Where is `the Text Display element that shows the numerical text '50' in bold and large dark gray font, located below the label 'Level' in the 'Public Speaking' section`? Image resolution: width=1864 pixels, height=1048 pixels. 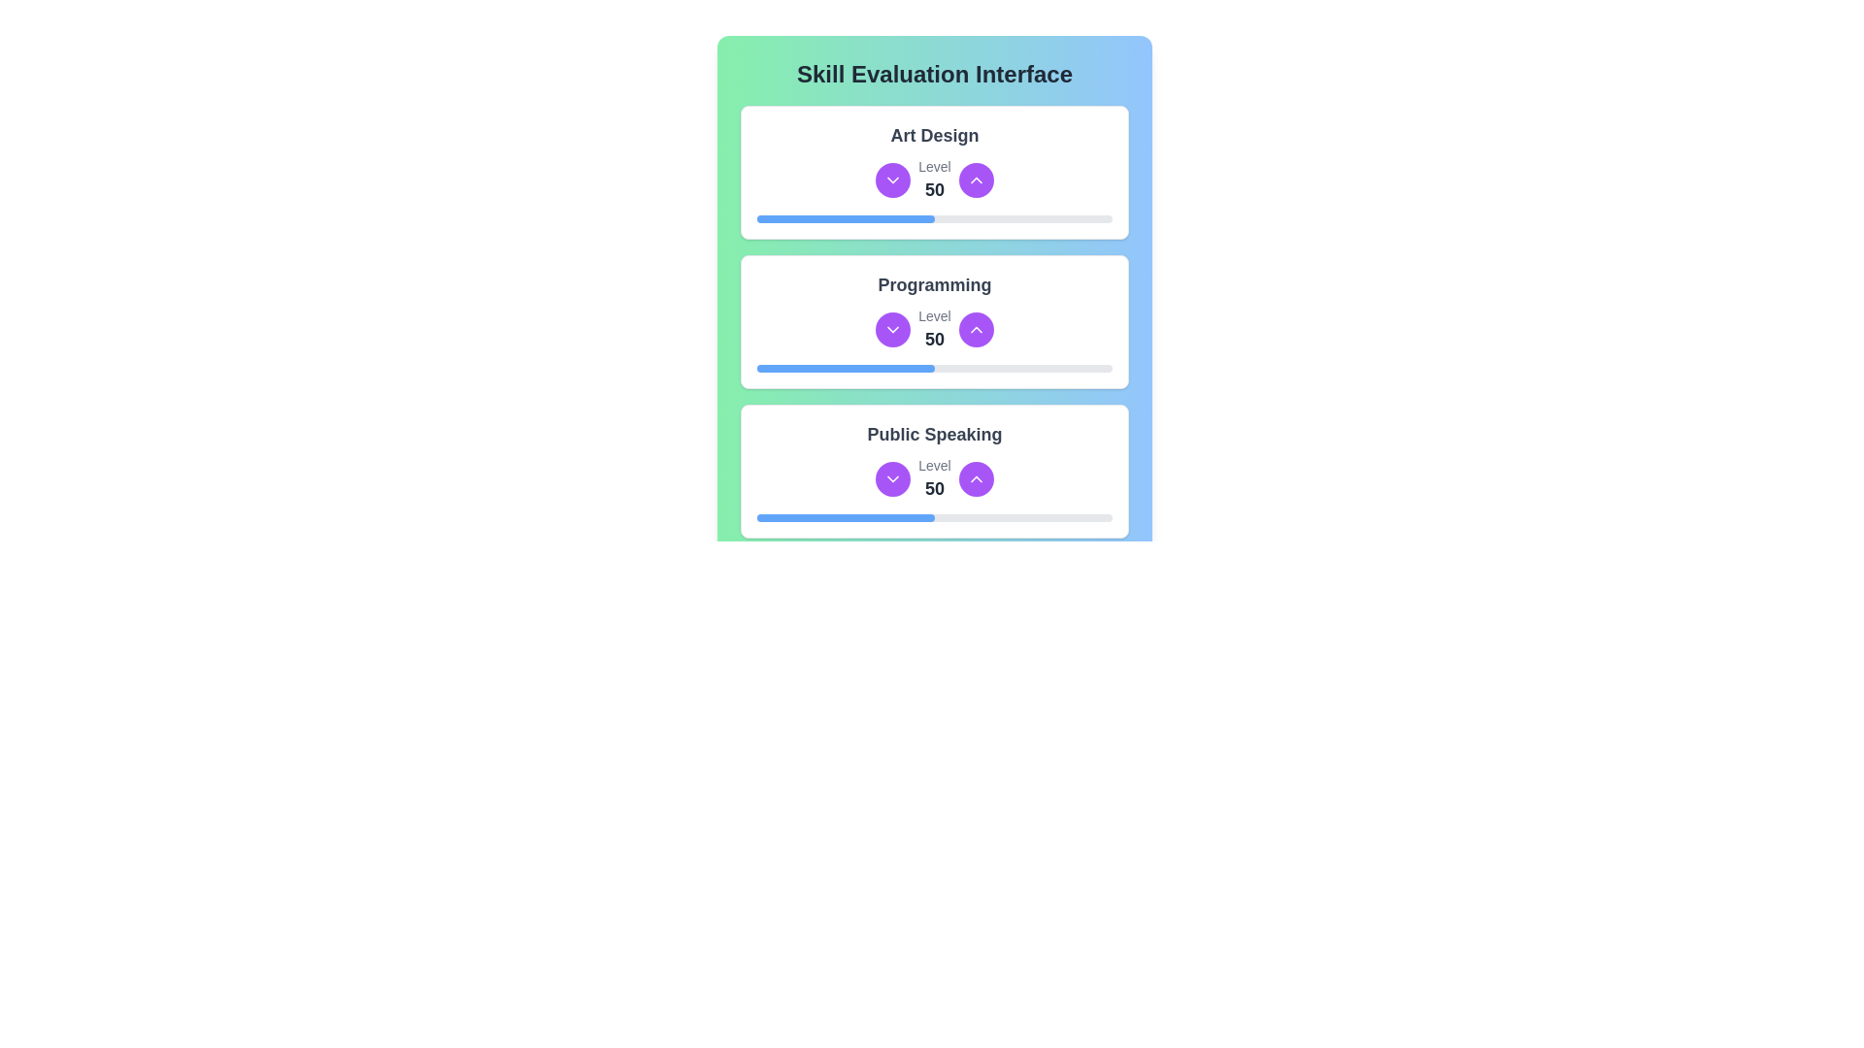
the Text Display element that shows the numerical text '50' in bold and large dark gray font, located below the label 'Level' in the 'Public Speaking' section is located at coordinates (935, 488).